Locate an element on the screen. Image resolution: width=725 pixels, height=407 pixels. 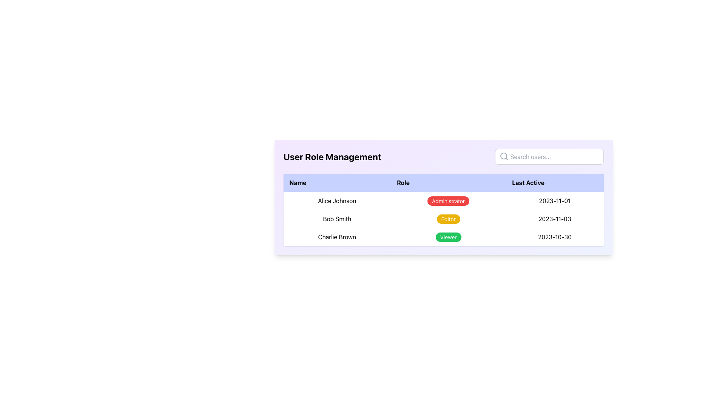
the pill-shaped label with a green background and white text that reads 'Viewer' located in the 'Role' column of the third row for 'Charlie Brown' is located at coordinates (448, 236).